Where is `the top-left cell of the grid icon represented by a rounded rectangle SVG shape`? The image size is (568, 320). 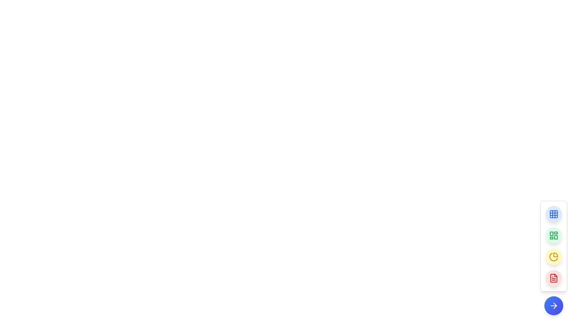 the top-left cell of the grid icon represented by a rounded rectangle SVG shape is located at coordinates (554, 214).